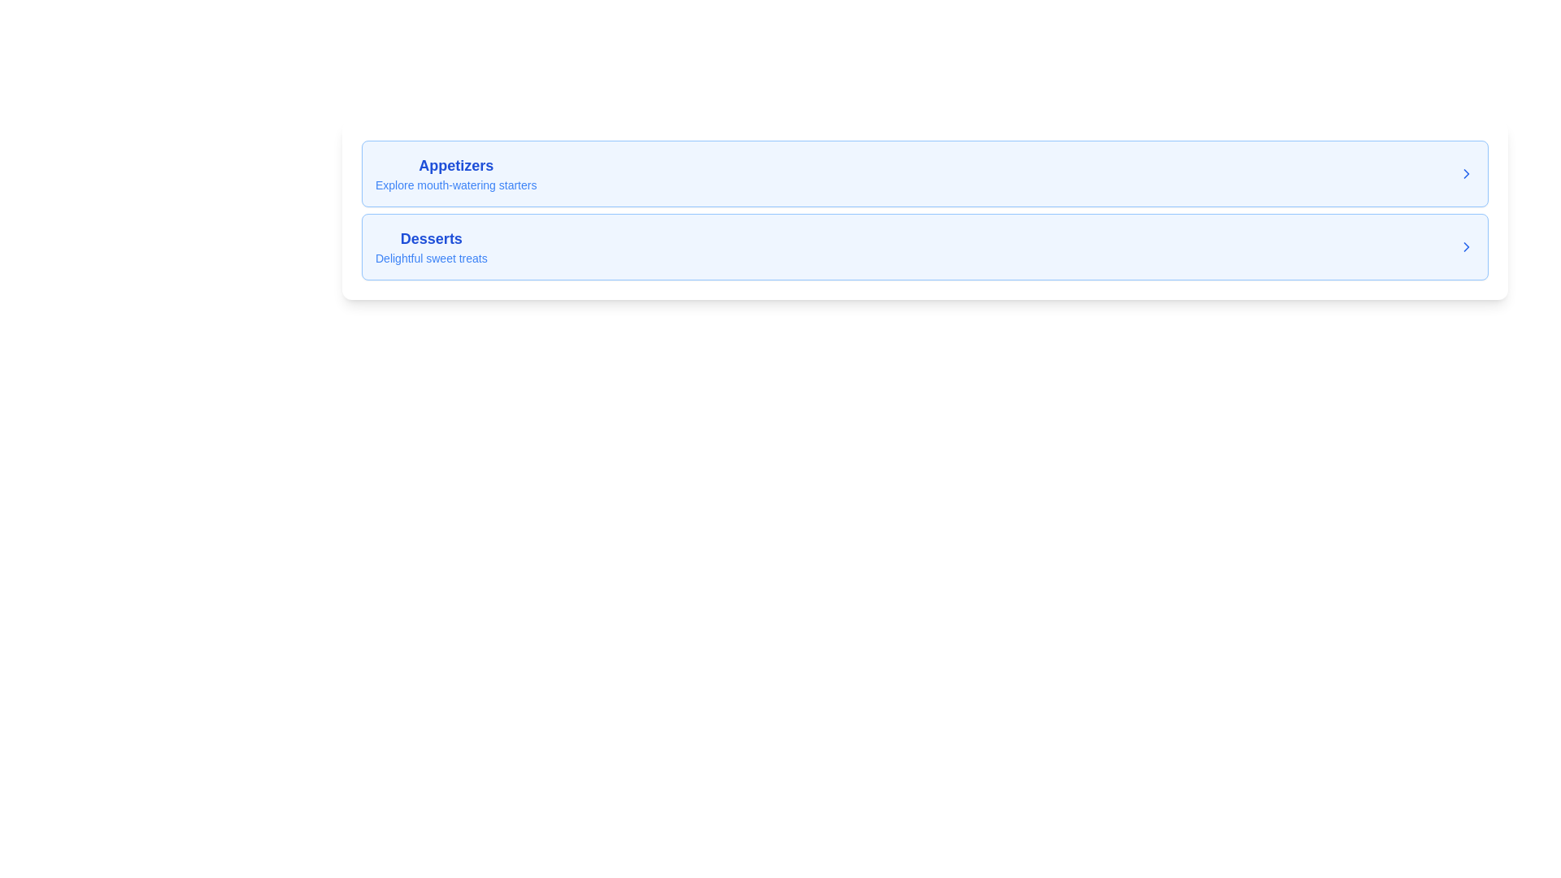 The width and height of the screenshot is (1561, 878). I want to click on the text element titled 'Desserts' which is the second card in a vertically stacked list of informational cards, so click(431, 247).